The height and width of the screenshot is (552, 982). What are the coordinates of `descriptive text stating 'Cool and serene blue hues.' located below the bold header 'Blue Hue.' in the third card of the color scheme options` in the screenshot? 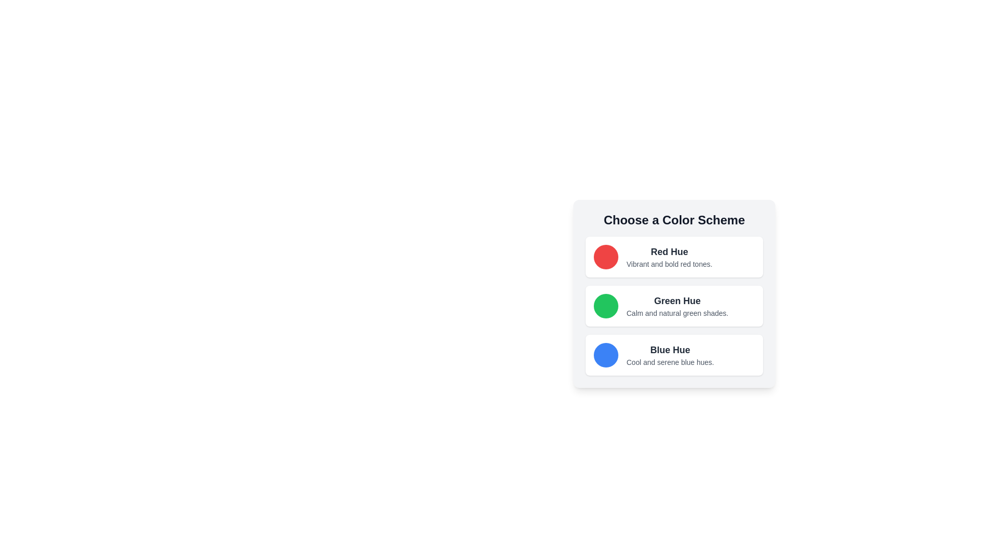 It's located at (670, 362).